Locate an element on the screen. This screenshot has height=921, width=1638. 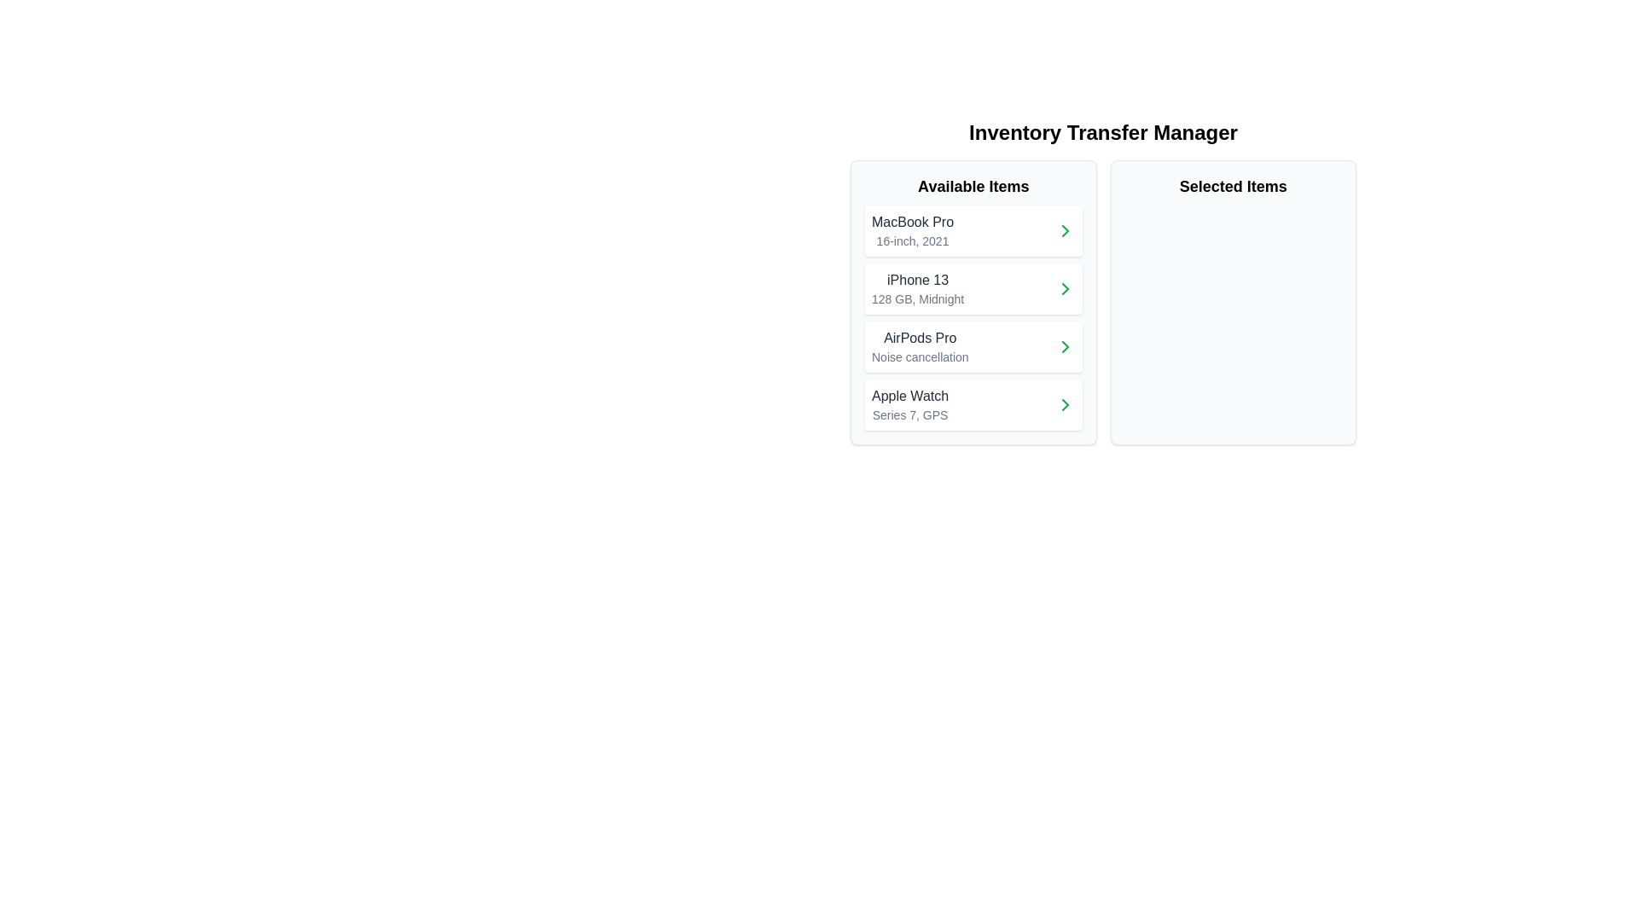
the text label displaying 'Noise cancellation' located directly below the bold label 'AirPods Pro' in the 'Available Items' panel is located at coordinates (919, 356).